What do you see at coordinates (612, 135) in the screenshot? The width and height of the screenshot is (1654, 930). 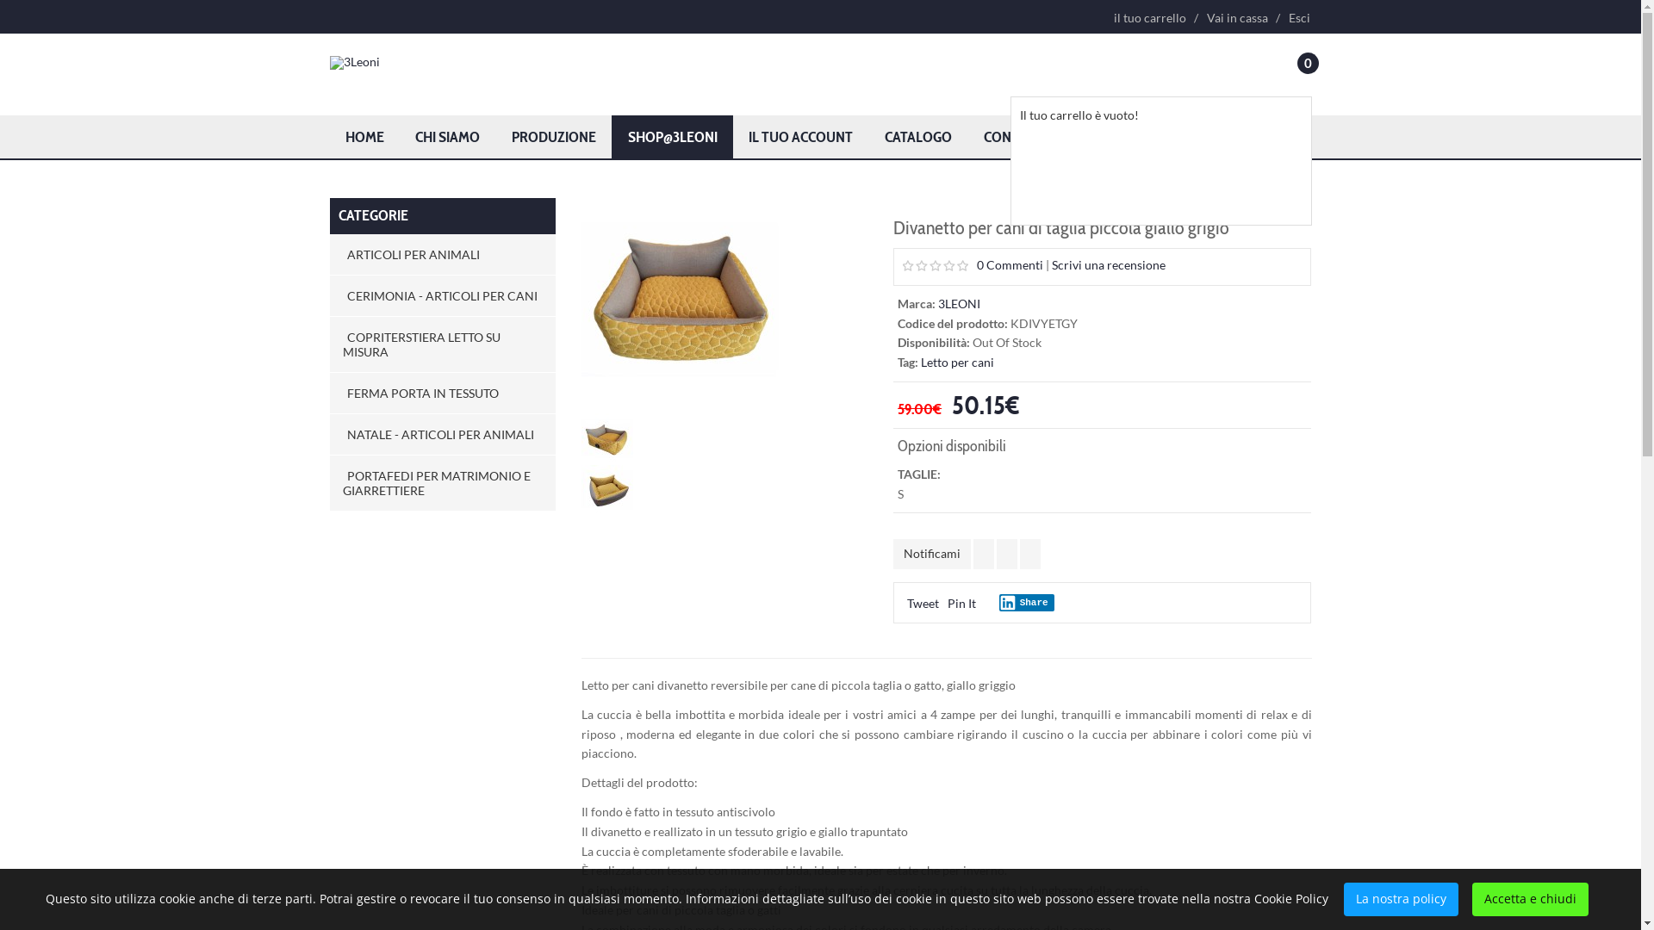 I see `'SHOP@3LEONI'` at bounding box center [612, 135].